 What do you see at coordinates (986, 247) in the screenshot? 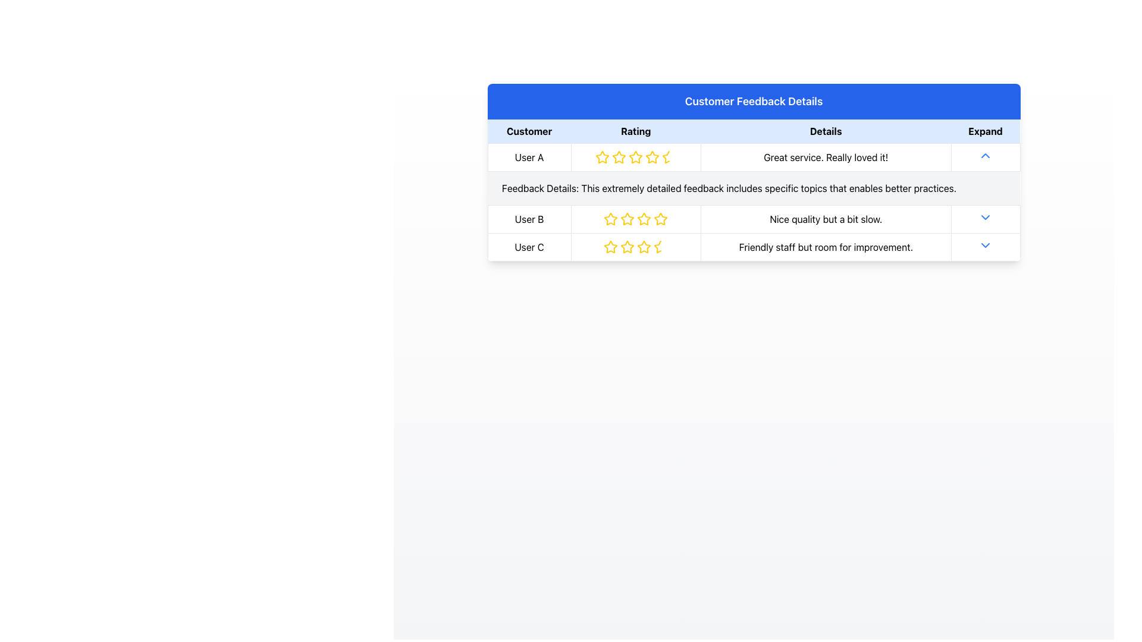
I see `the Icon Button located in the 'Expand' column of the last row of the table` at bounding box center [986, 247].